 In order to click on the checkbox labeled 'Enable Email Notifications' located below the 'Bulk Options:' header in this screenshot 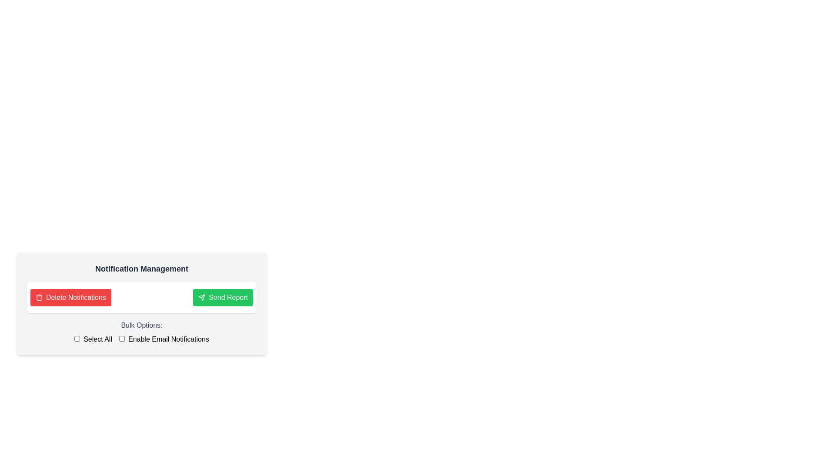, I will do `click(121, 338)`.